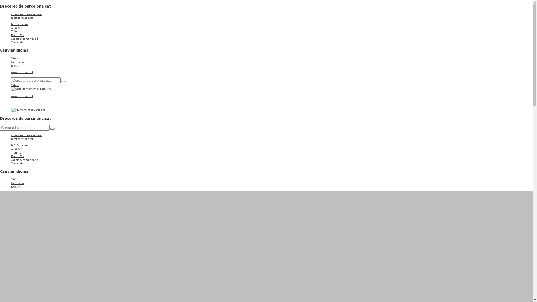 Image resolution: width=537 pixels, height=302 pixels. What do you see at coordinates (11, 14) in the screenshot?
I see `'ajuntament.barcelona.cat'` at bounding box center [11, 14].